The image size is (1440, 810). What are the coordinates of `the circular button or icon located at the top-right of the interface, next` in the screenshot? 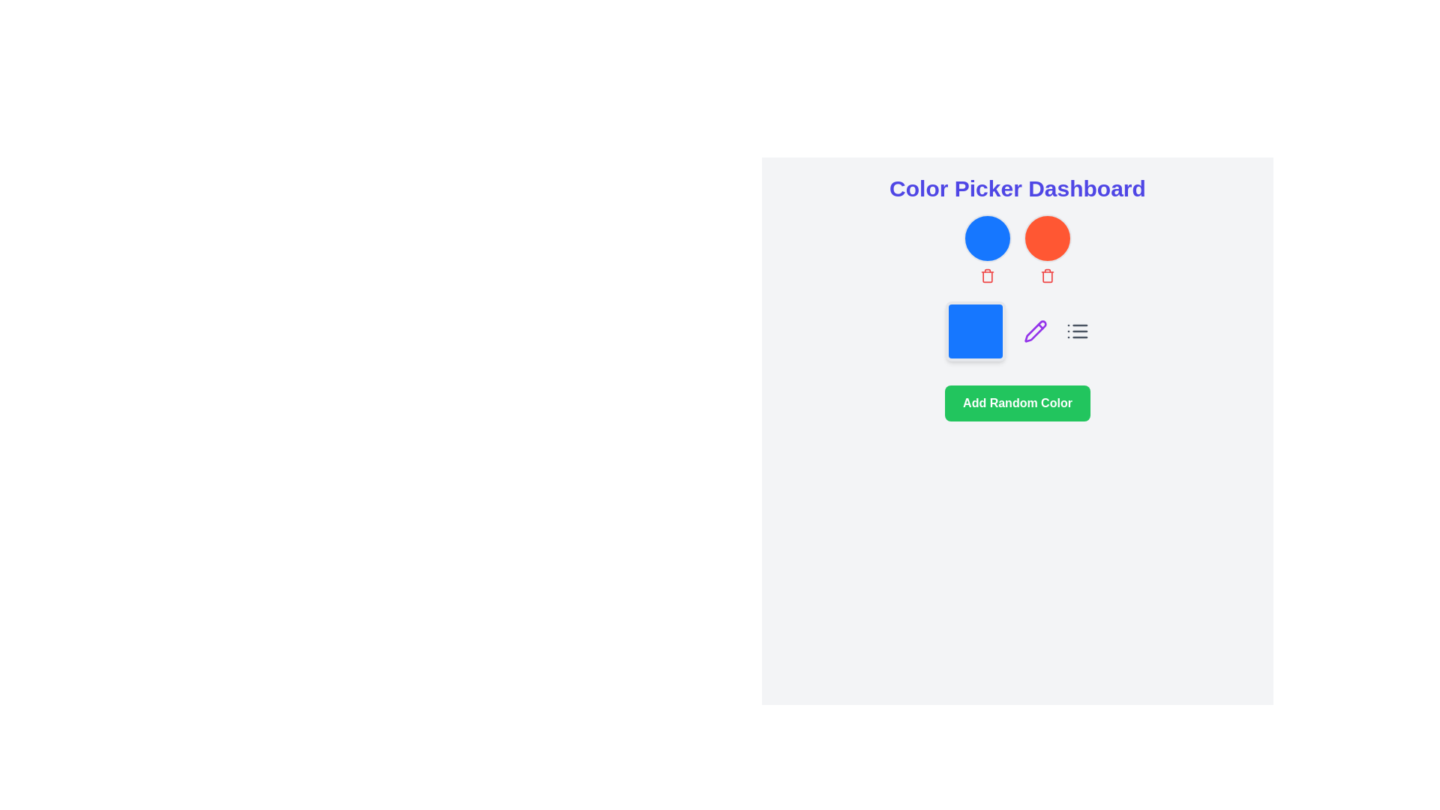 It's located at (1046, 237).